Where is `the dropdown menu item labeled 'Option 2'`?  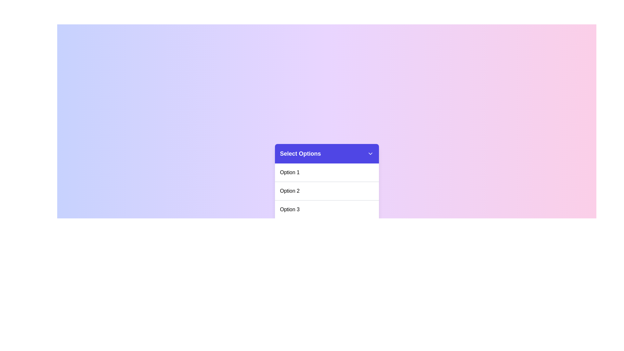
the dropdown menu item labeled 'Option 2' is located at coordinates (289, 190).